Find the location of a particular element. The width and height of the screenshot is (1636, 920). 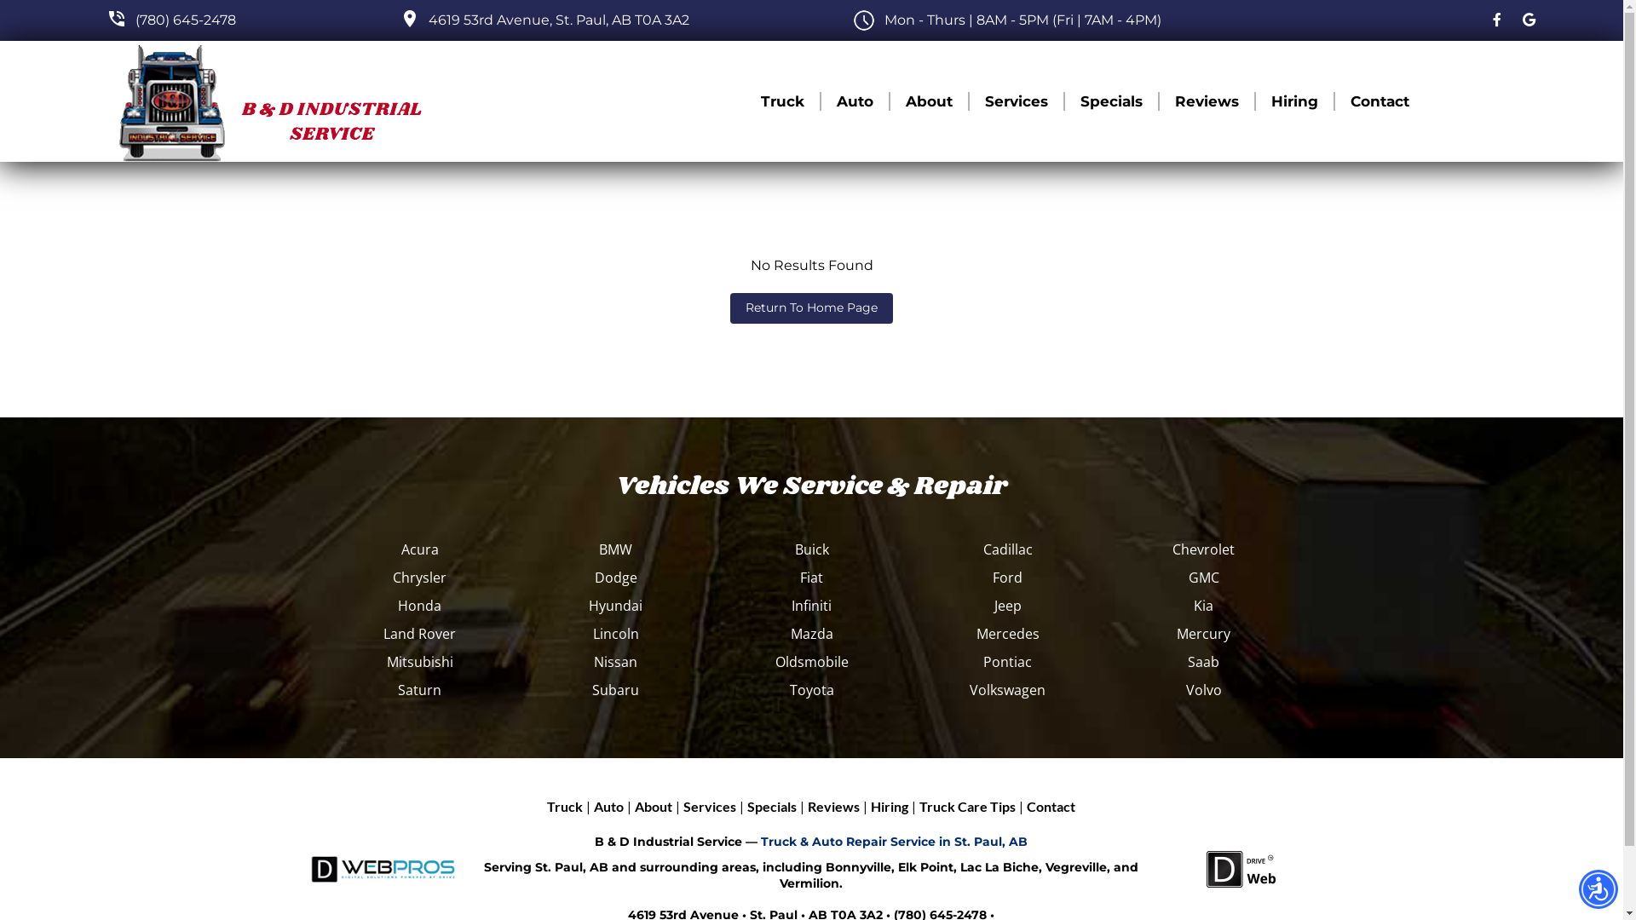

'Dodge' is located at coordinates (615, 577).